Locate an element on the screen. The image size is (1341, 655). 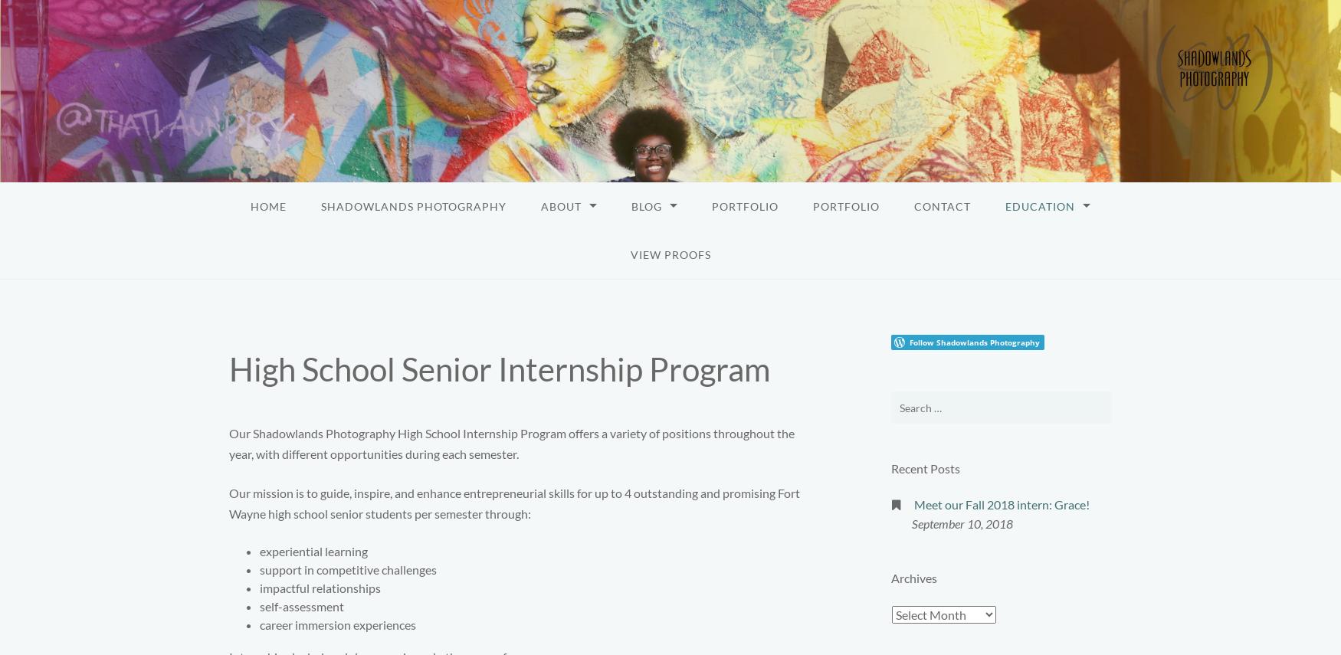
'self-assessment' is located at coordinates (300, 606).